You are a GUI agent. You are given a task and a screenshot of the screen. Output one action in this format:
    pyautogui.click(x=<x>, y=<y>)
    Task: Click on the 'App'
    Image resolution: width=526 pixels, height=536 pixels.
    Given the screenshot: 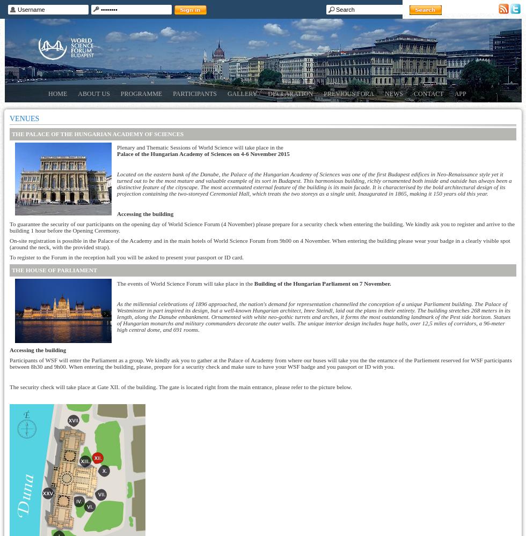 What is the action you would take?
    pyautogui.click(x=460, y=94)
    